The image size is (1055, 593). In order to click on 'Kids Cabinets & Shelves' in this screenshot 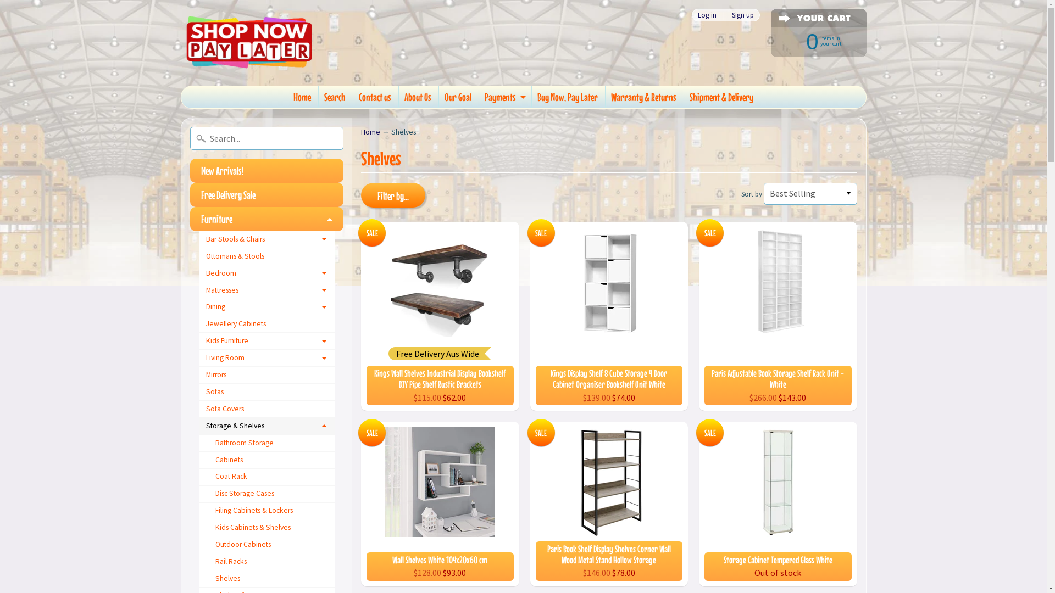, I will do `click(266, 527)`.